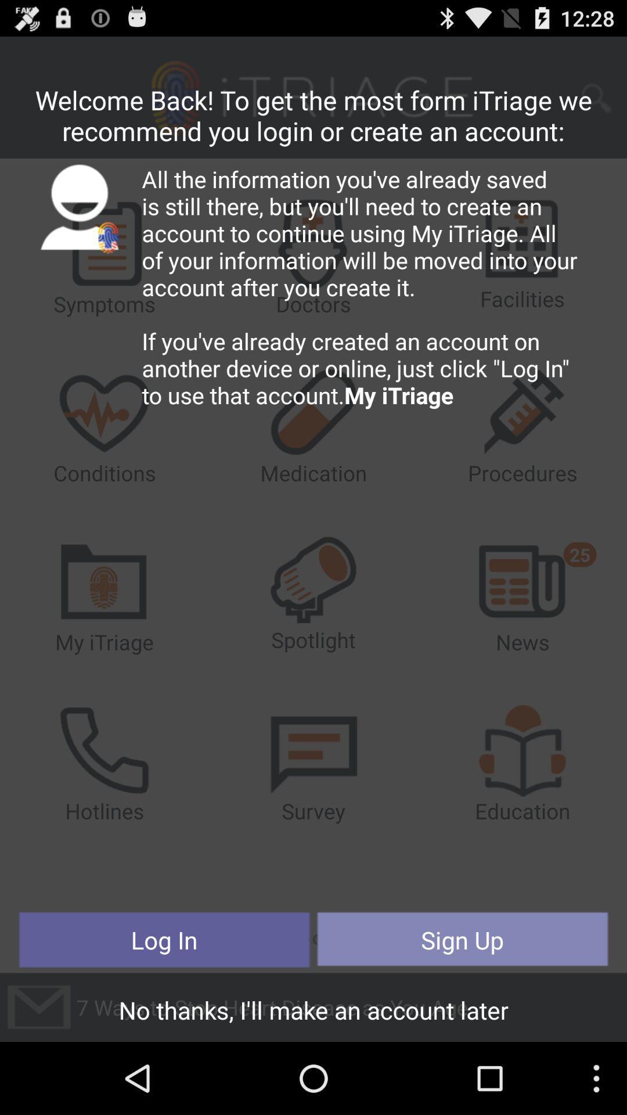 The height and width of the screenshot is (1115, 627). I want to click on icon to the right of log in icon, so click(462, 940).